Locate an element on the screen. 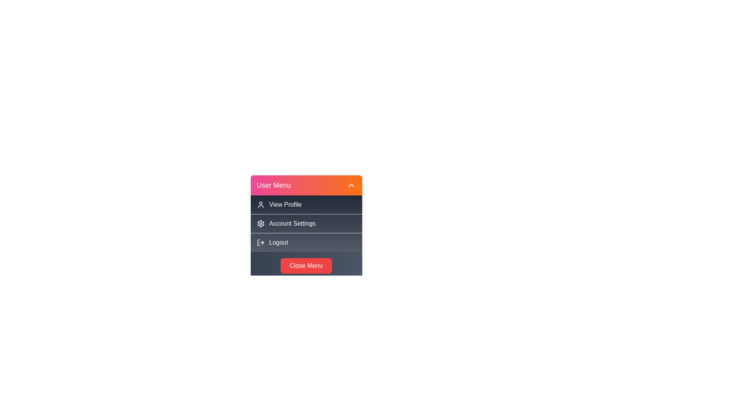  the 'User Menu' button to toggle the menu's open/close state is located at coordinates (306, 185).